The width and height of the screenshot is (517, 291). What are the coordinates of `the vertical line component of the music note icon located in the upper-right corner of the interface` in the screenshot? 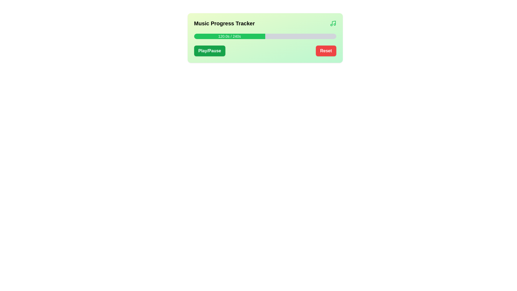 It's located at (333, 23).